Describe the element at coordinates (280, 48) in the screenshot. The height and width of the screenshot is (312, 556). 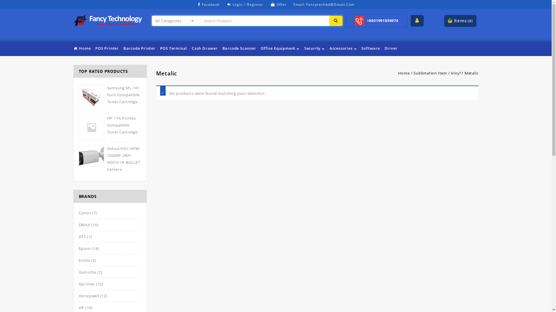
I see `'Office Equipment'` at that location.